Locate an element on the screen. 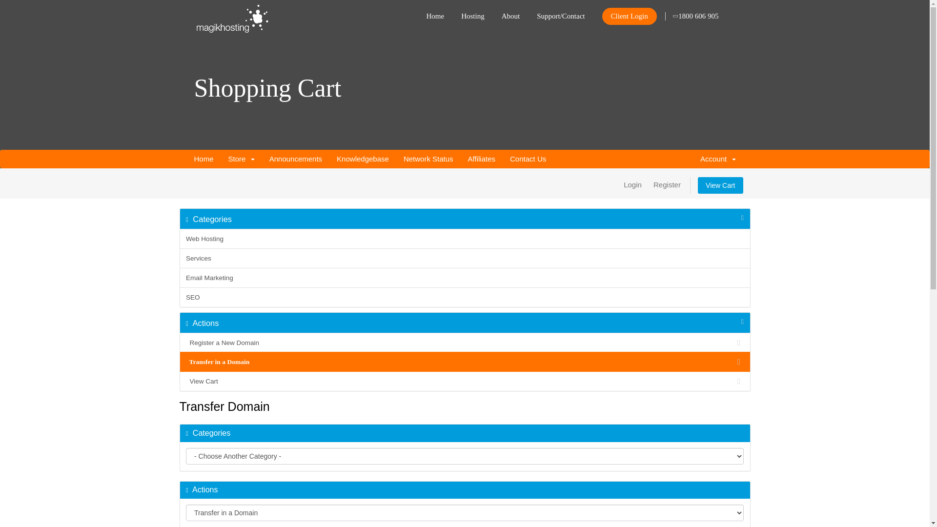  'Announcements' is located at coordinates (262, 159).